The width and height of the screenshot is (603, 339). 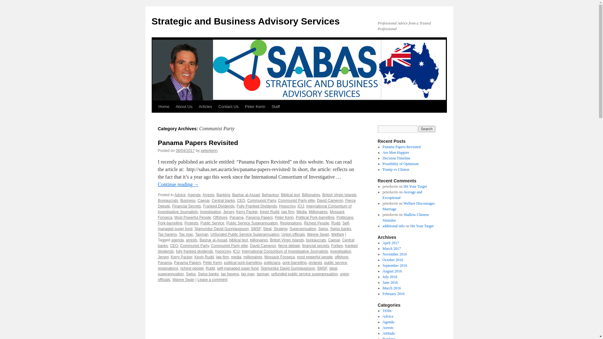 What do you see at coordinates (270, 195) in the screenshot?
I see `'Behaviour'` at bounding box center [270, 195].